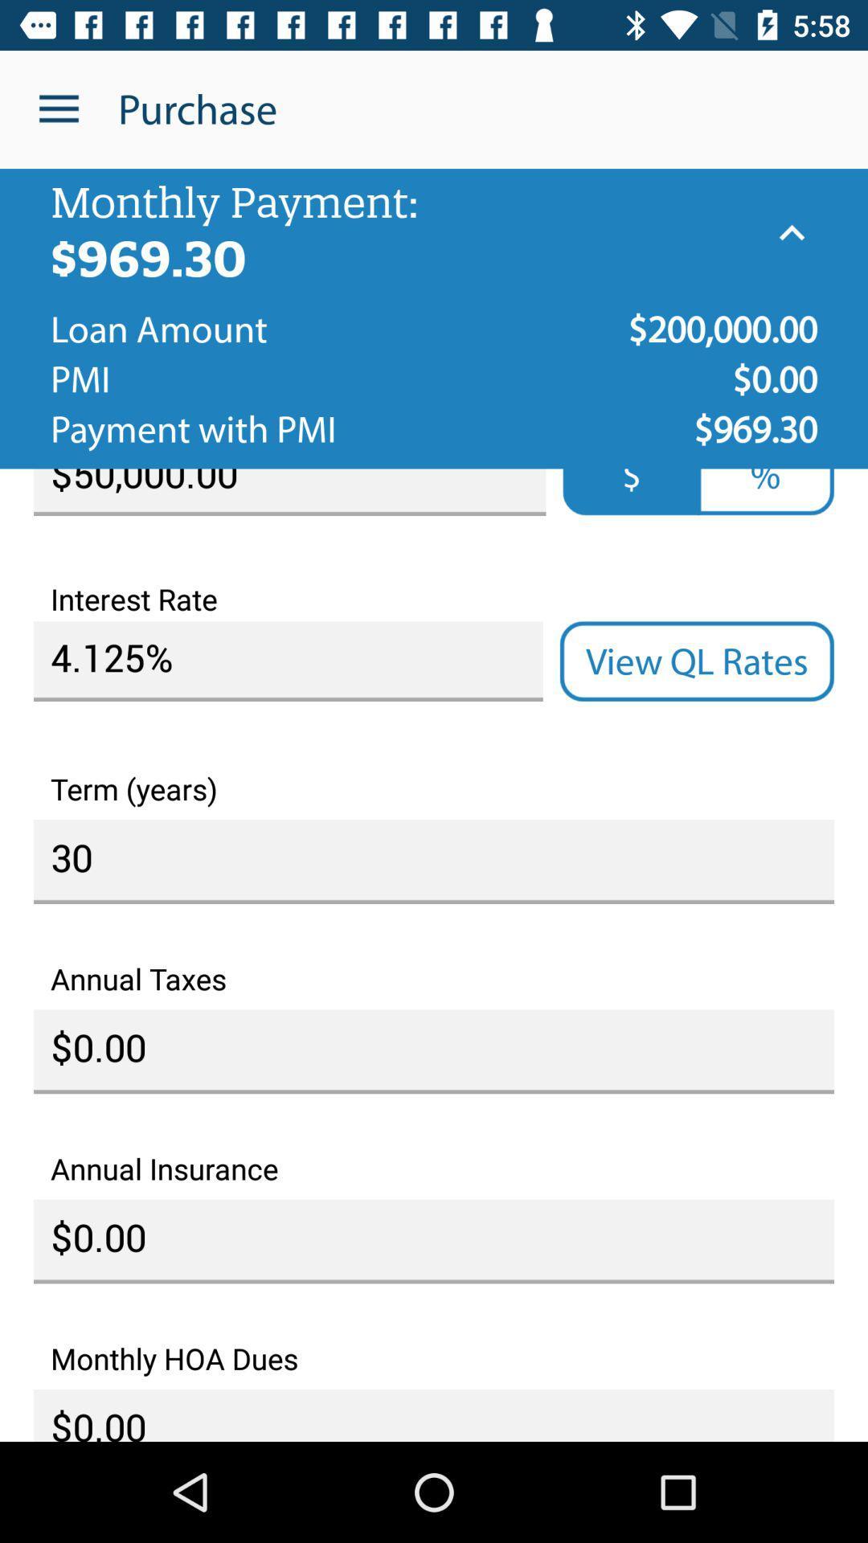  What do you see at coordinates (287, 661) in the screenshot?
I see `item to the left of view ql rates item` at bounding box center [287, 661].